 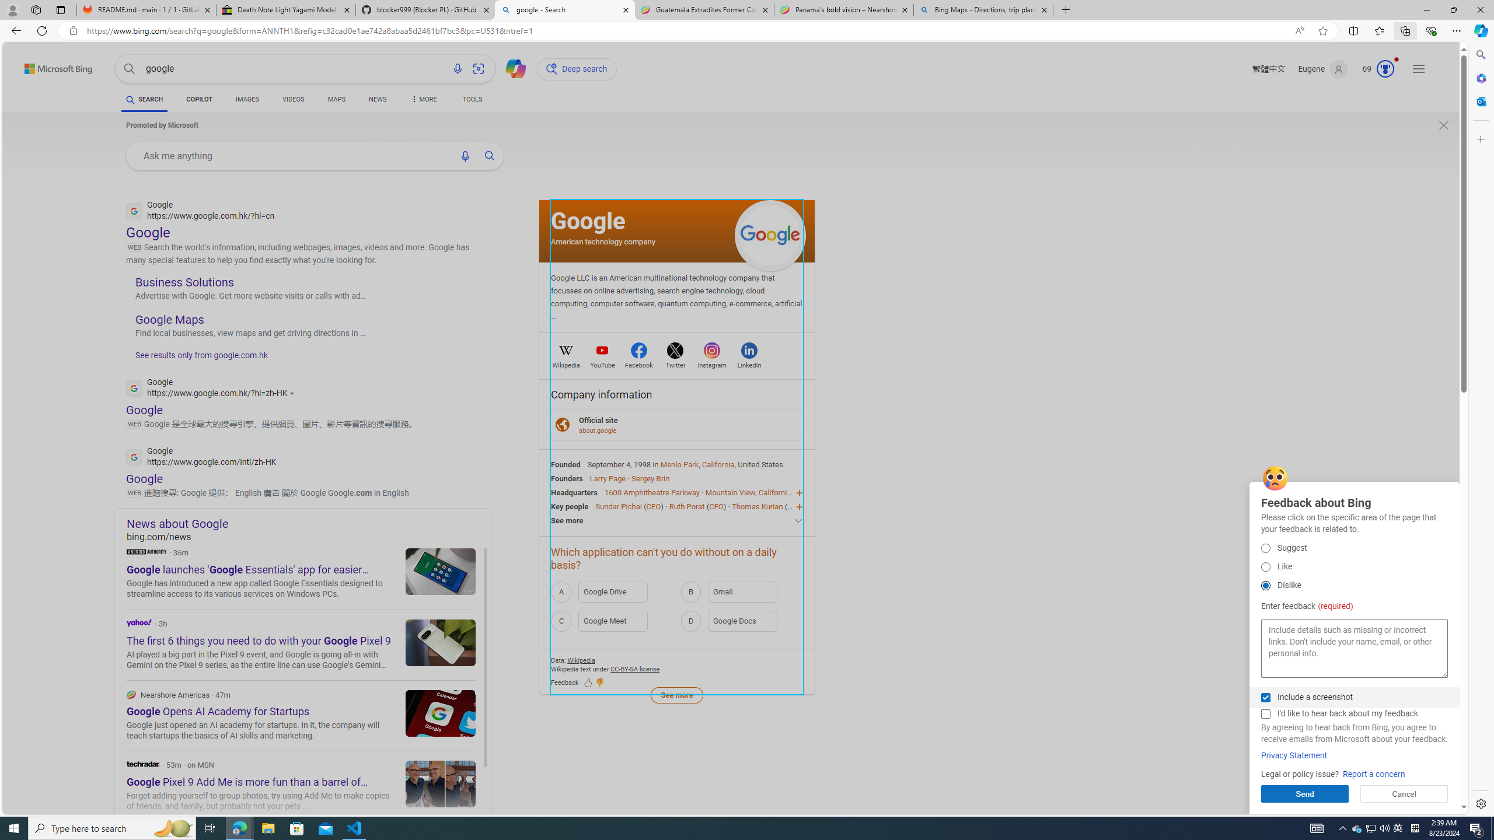 What do you see at coordinates (1265, 696) in the screenshot?
I see `'Include a screenshot'` at bounding box center [1265, 696].